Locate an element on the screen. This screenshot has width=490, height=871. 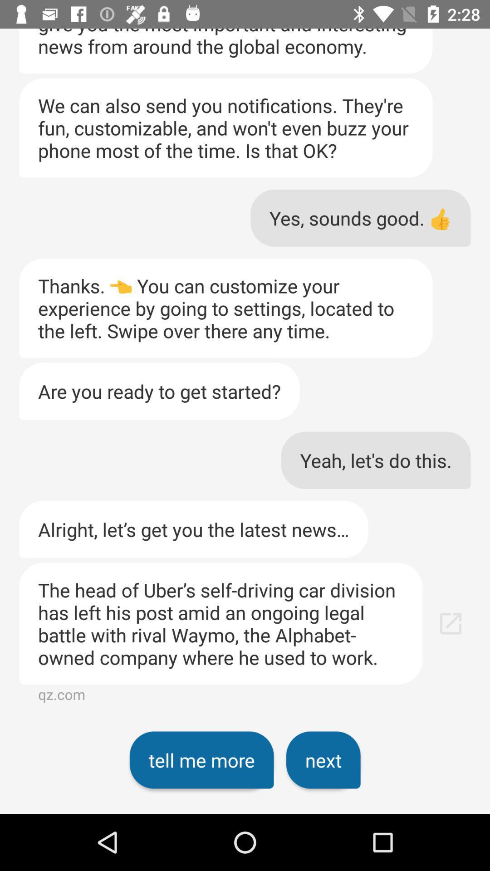
tell me more icon is located at coordinates (201, 760).